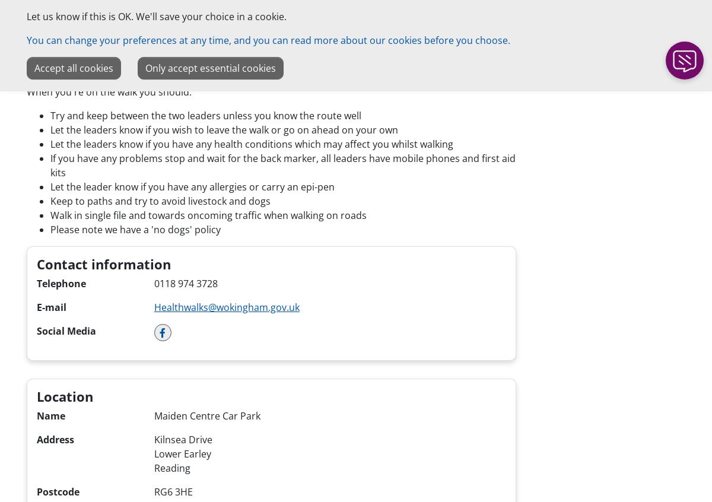  Describe the element at coordinates (37, 331) in the screenshot. I see `'Social Media'` at that location.